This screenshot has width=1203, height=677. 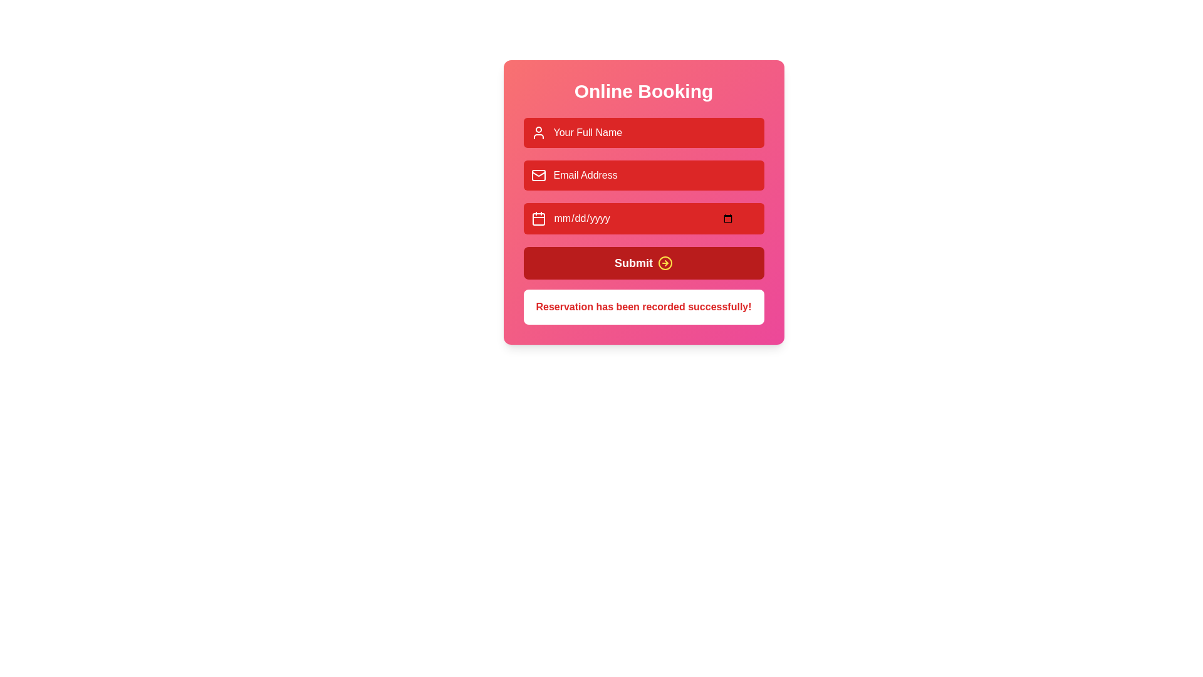 What do you see at coordinates (643, 133) in the screenshot?
I see `the red text input field for 'Your Full Name' to focus on it` at bounding box center [643, 133].